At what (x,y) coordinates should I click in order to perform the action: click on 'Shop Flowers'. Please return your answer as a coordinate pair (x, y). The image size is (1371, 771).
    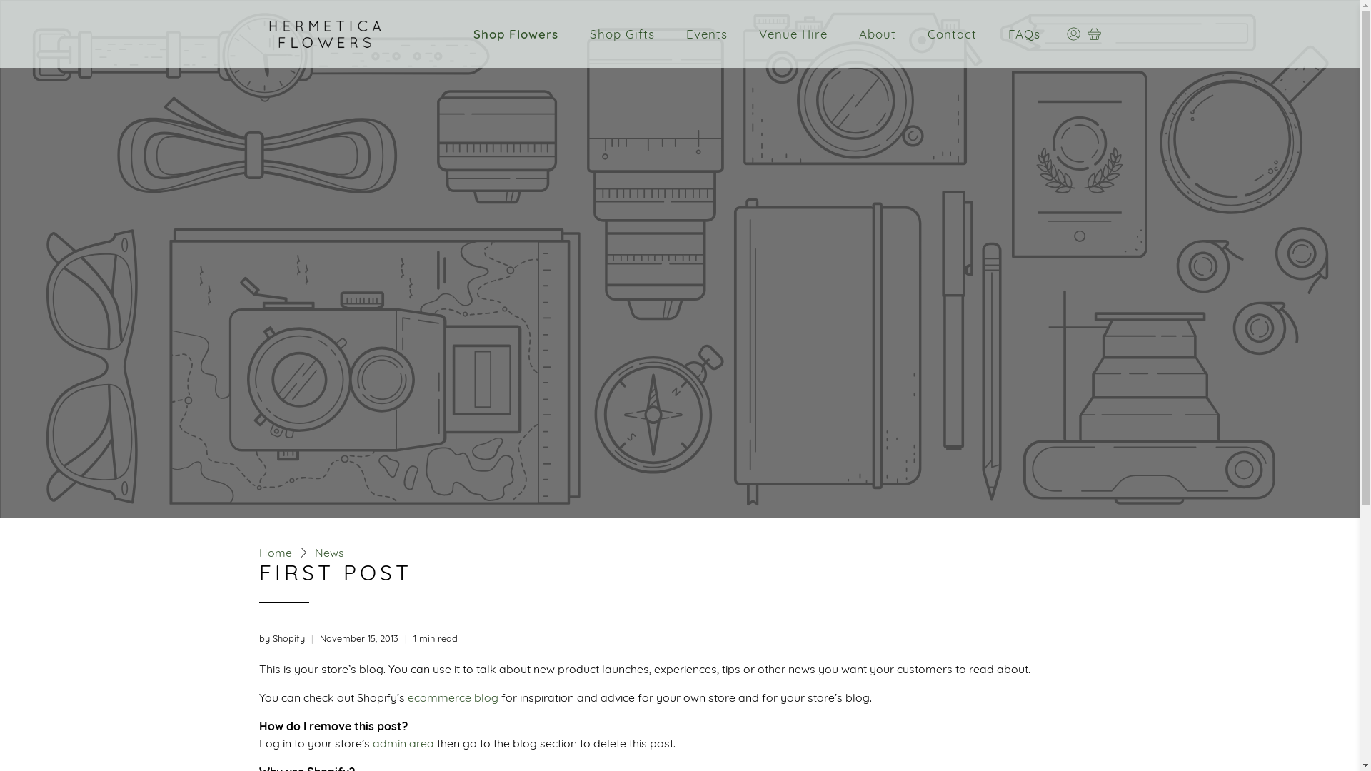
    Looking at the image, I should click on (515, 33).